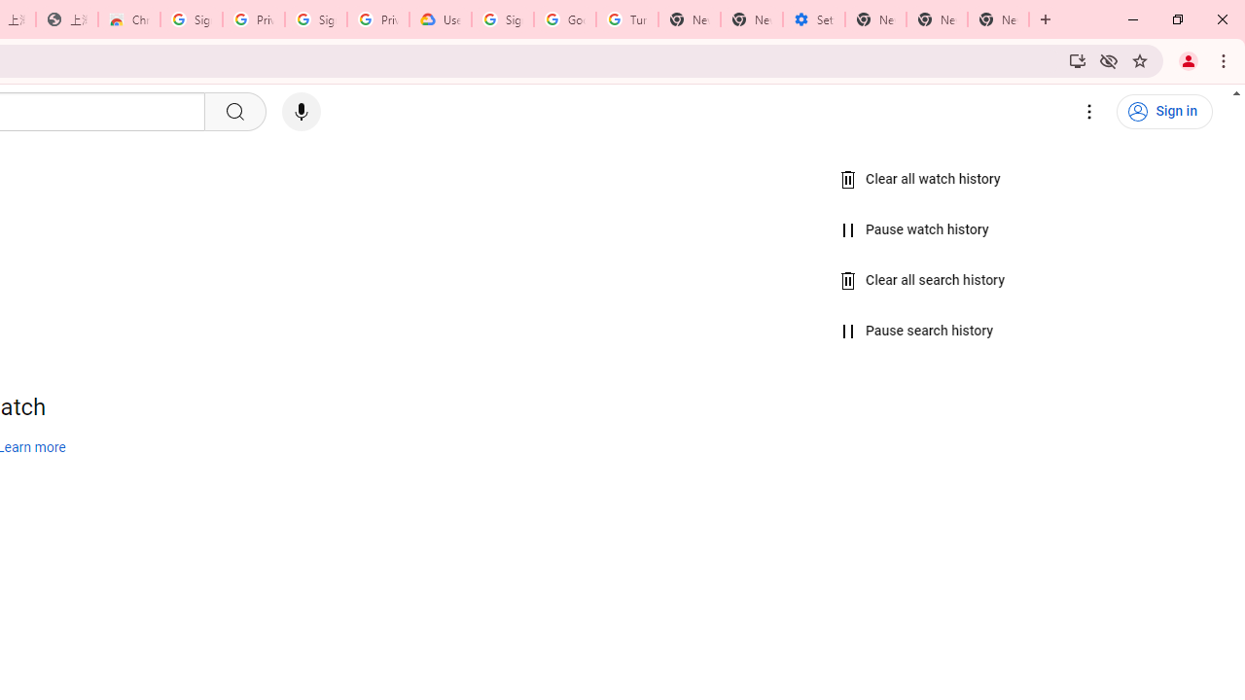 This screenshot has width=1245, height=700. What do you see at coordinates (300, 112) in the screenshot?
I see `'Search with your voice'` at bounding box center [300, 112].